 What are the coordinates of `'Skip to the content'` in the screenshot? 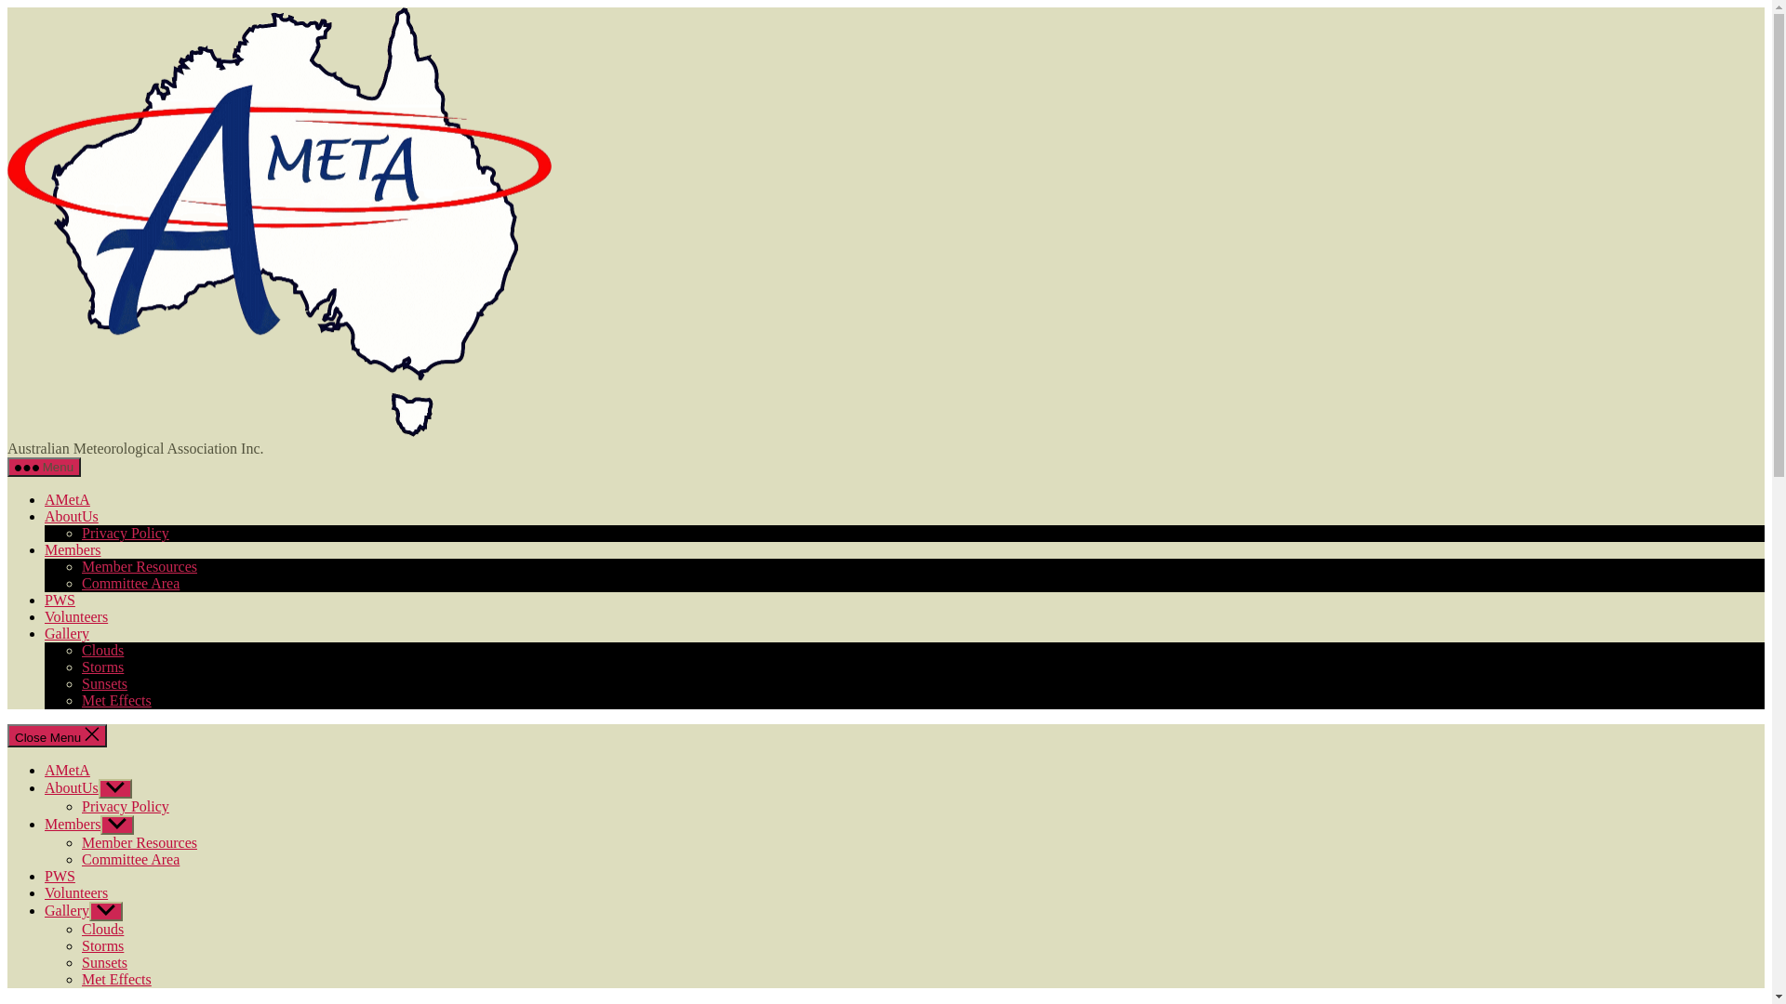 It's located at (7, 7).